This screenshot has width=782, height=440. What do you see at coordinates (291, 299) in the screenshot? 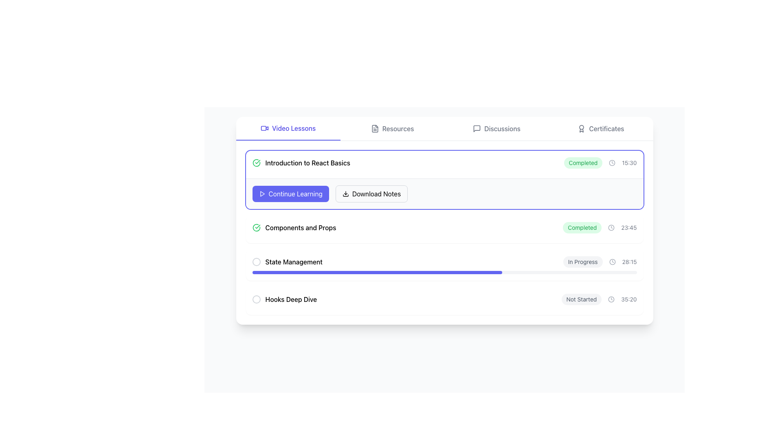
I see `the text label reading 'Hooks Deep Dive', which is styled with a medium font weight and located at the bottom of a list of items, centered horizontally in its row, next to a circular, bordered icon` at bounding box center [291, 299].